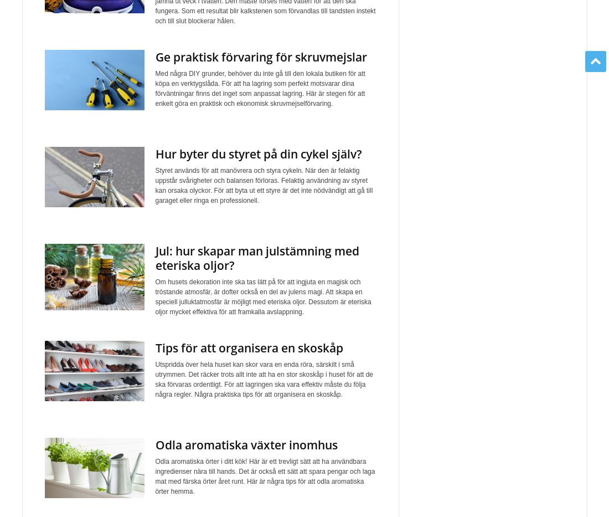 The width and height of the screenshot is (609, 517). Describe the element at coordinates (154, 89) in the screenshot. I see `'Med några DIY grunder, behöver du inte gå till den lokala butiken för att köpa en verktygslåda. För att ha lagring som perfekt motsvarar dina förväntningar finns det inget som anpassat lagring. Här är stegen för att enkelt göra en praktisk och ekonomisk skruvmejselförvaring.'` at that location.